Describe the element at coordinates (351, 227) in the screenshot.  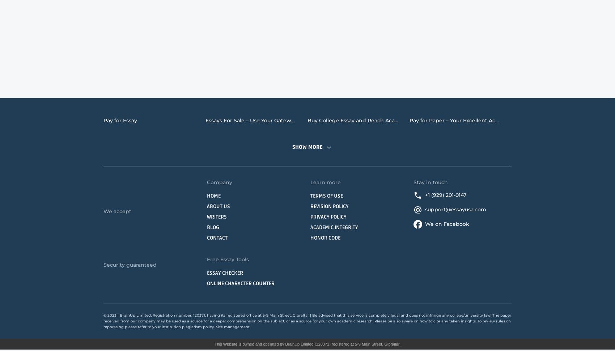
I see `'Psychology Essay Writing Service'` at that location.